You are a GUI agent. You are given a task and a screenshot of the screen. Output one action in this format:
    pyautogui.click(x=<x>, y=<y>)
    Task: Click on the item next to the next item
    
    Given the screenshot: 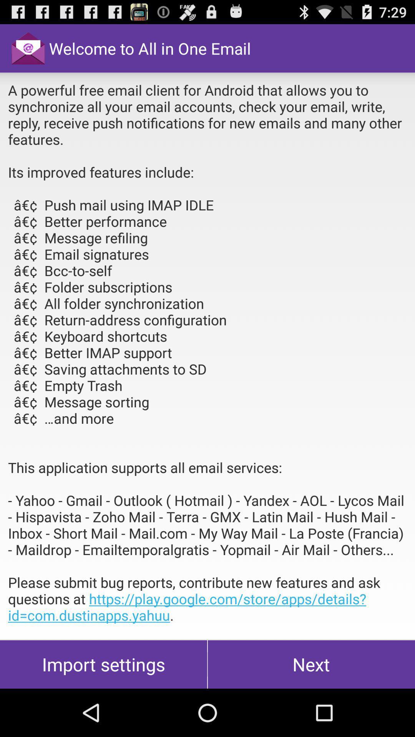 What is the action you would take?
    pyautogui.click(x=103, y=664)
    